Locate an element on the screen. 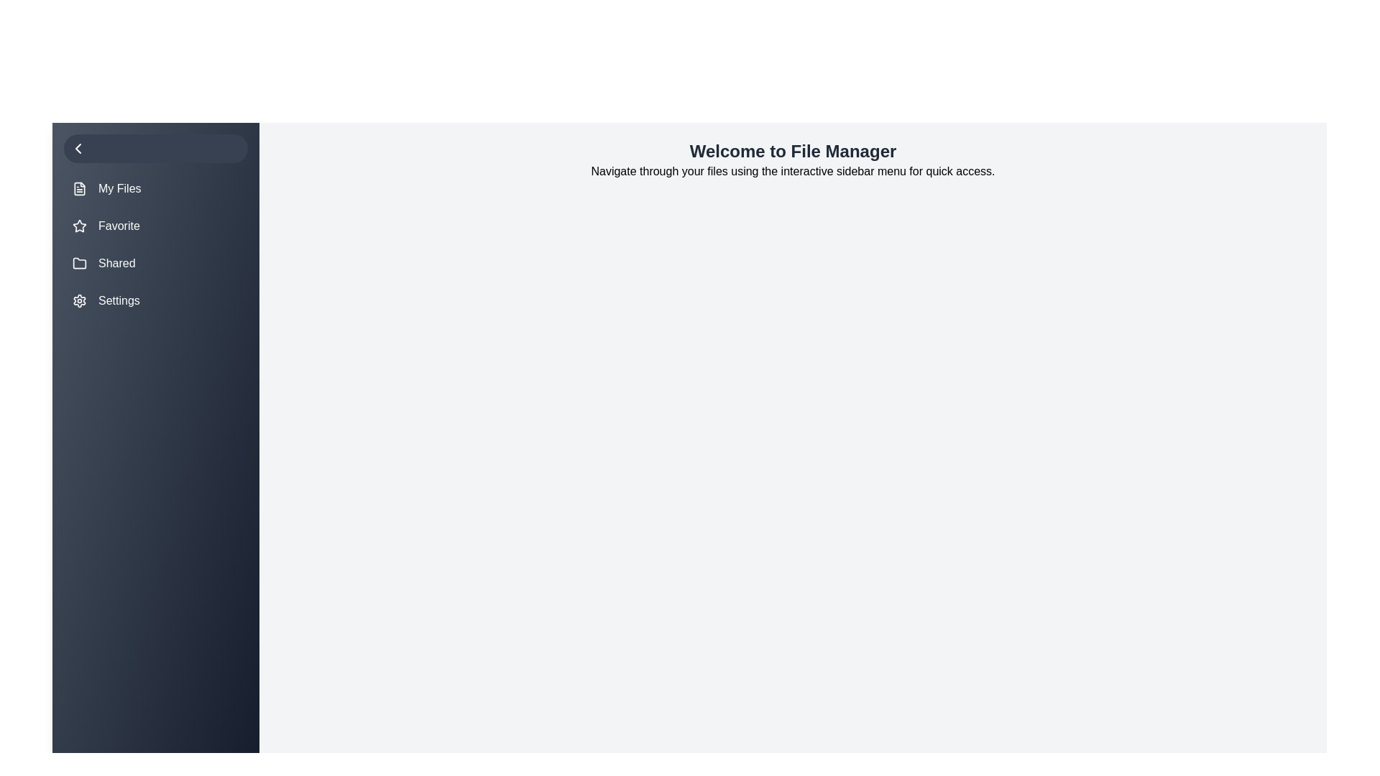  the menu item labeled Shared is located at coordinates (155, 263).